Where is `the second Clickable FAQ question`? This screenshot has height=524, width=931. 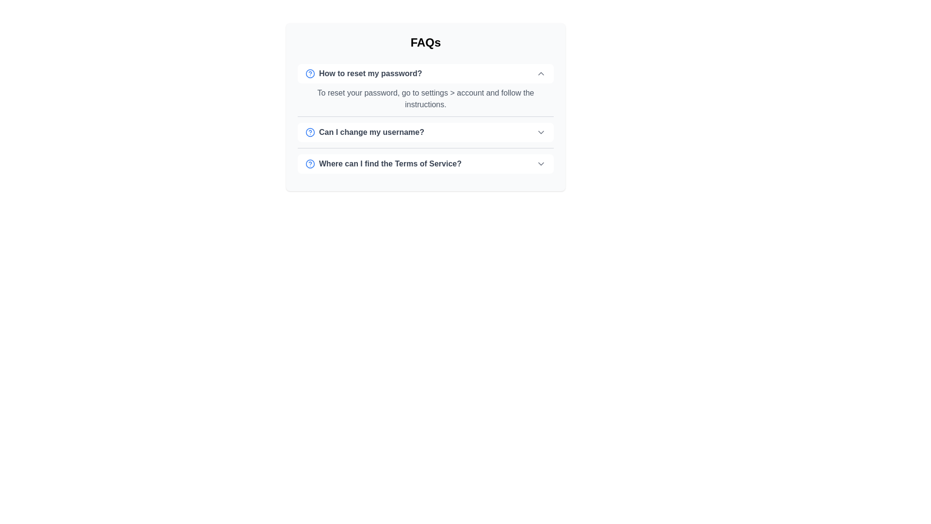
the second Clickable FAQ question is located at coordinates (426, 132).